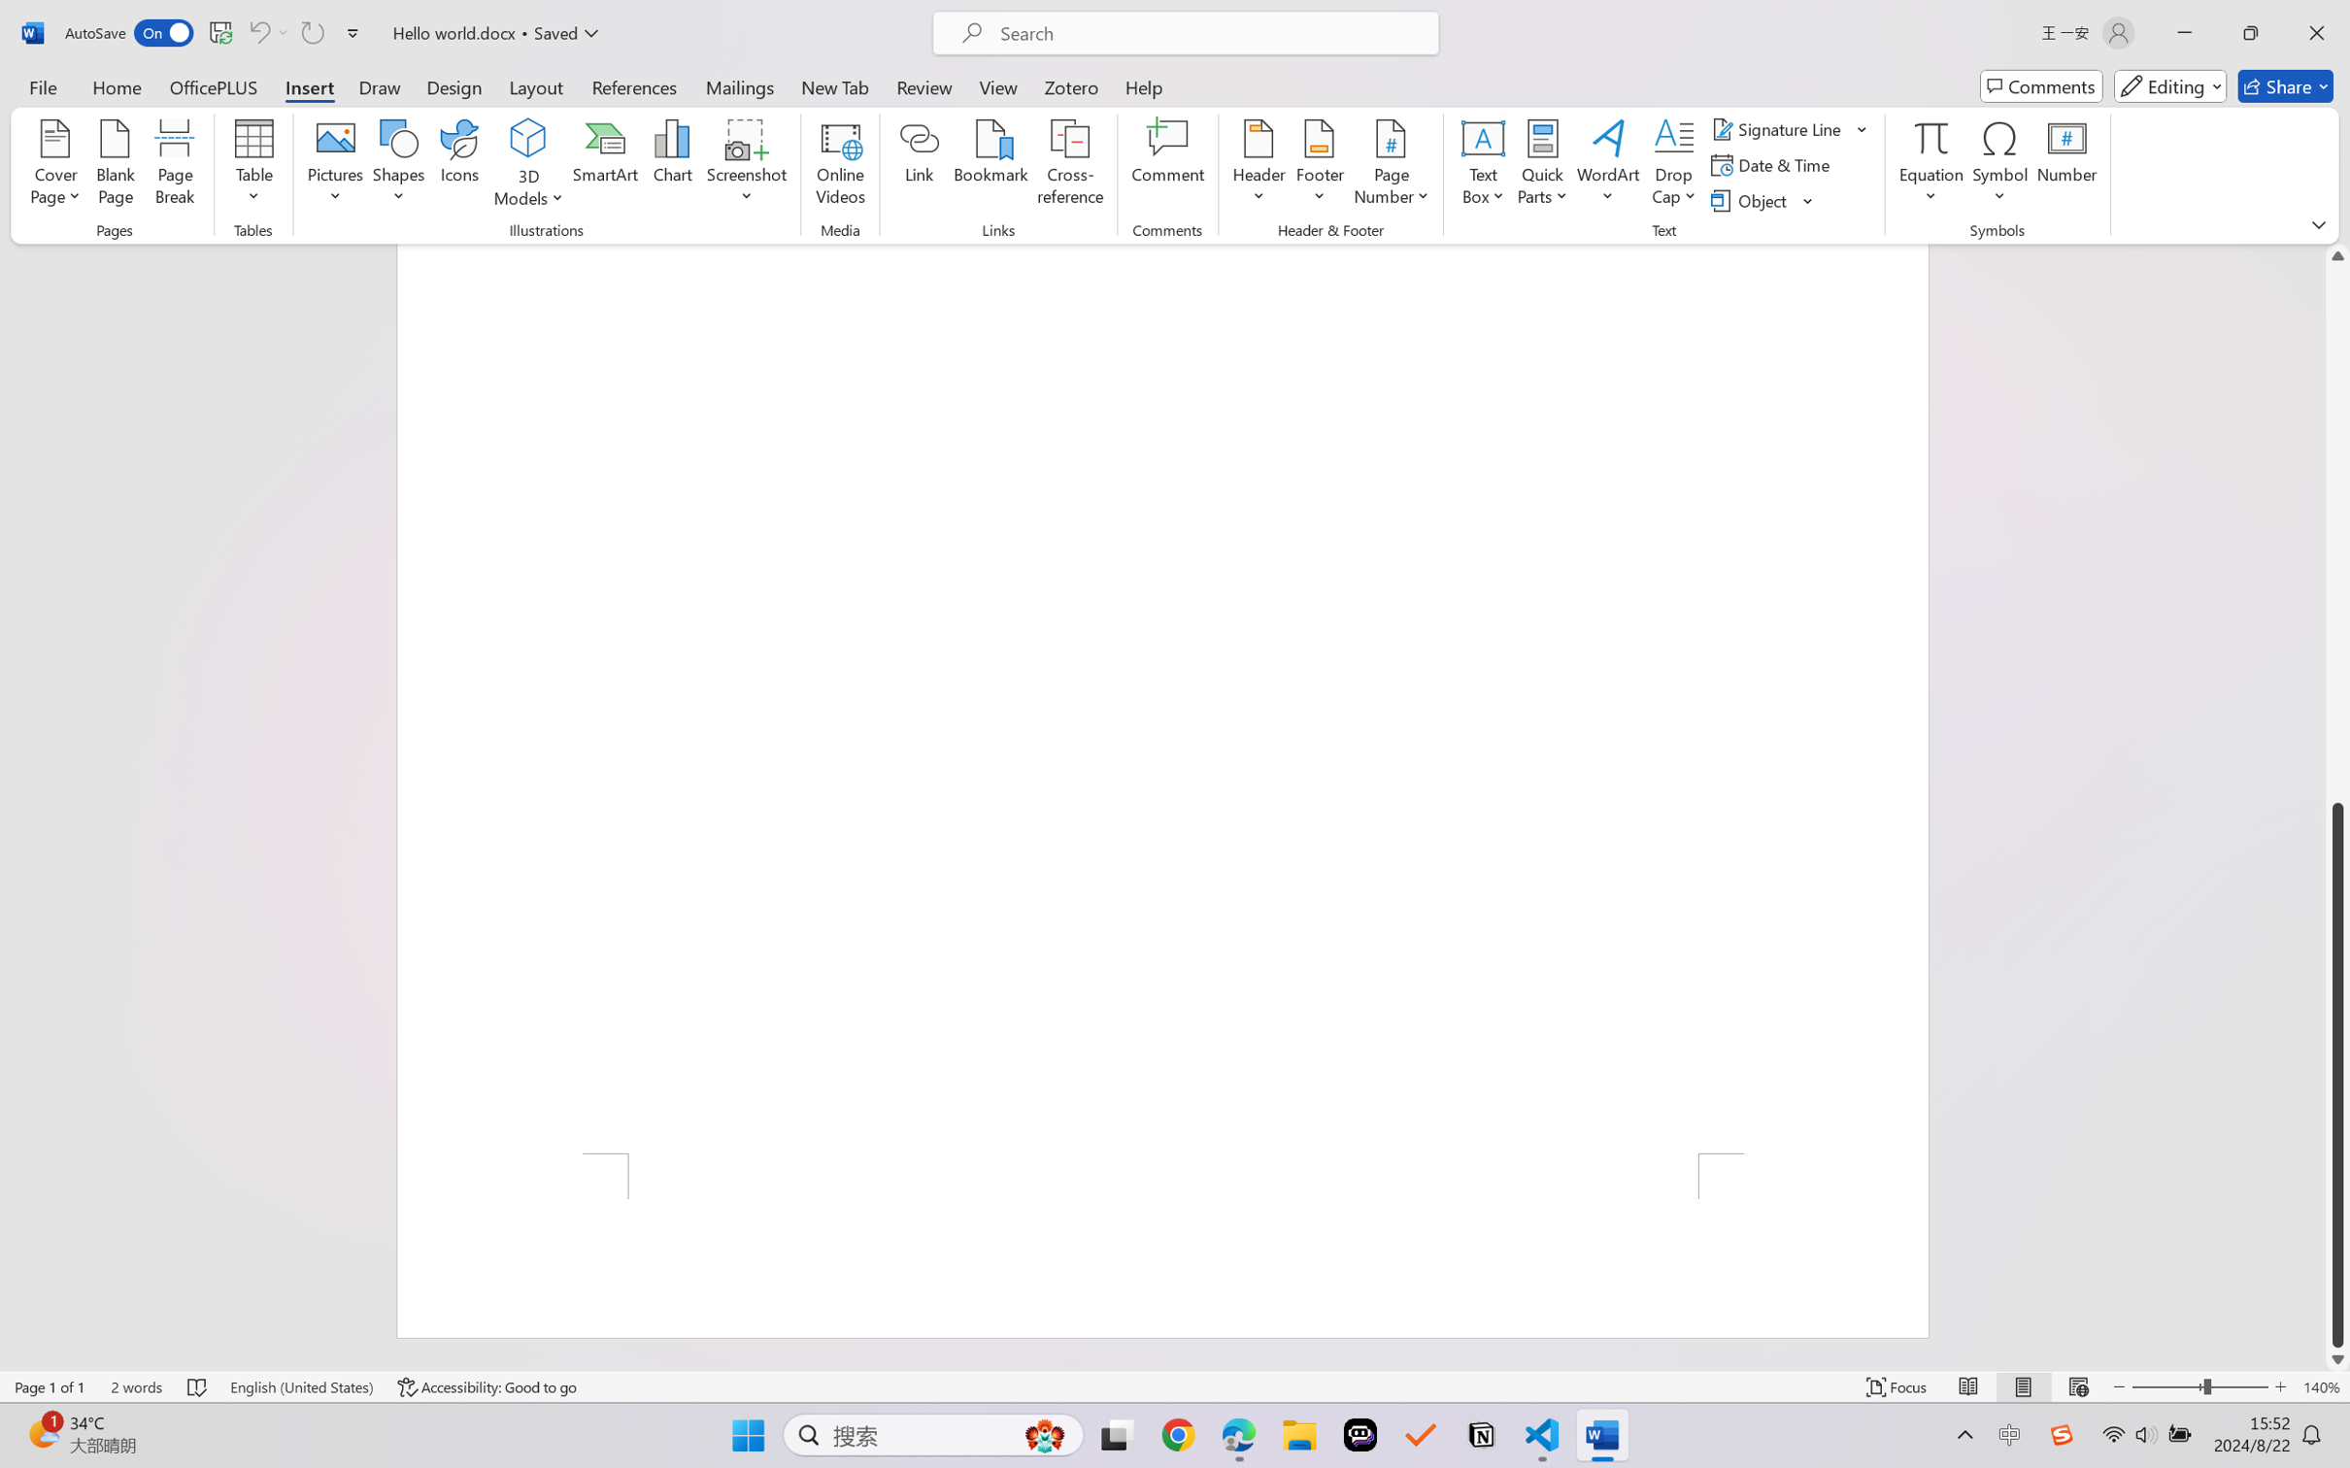  Describe the element at coordinates (2185, 32) in the screenshot. I see `'Minimize'` at that location.